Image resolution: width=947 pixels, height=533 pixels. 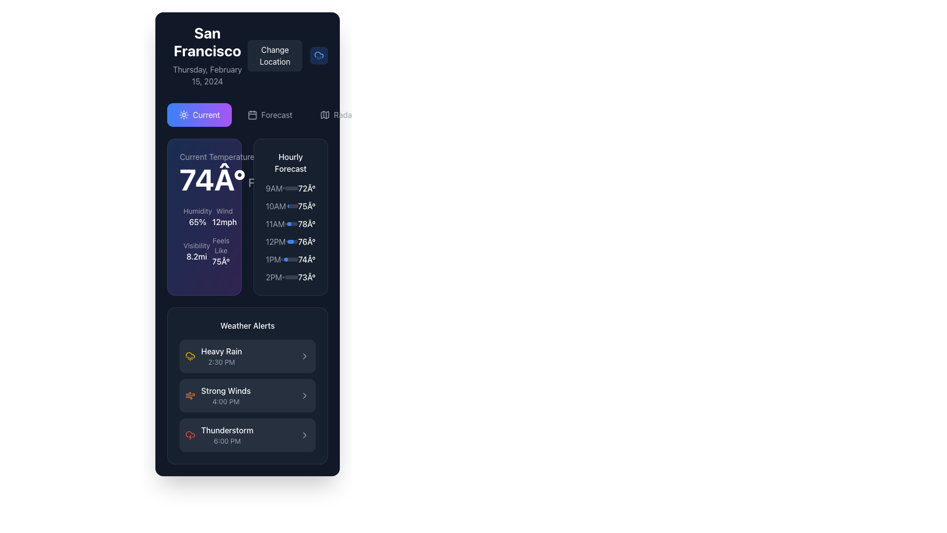 What do you see at coordinates (292, 241) in the screenshot?
I see `the horizontal progress bar located in the '12PM' hourly forecast section, which has a gray background and a blue progress segment covering 60%` at bounding box center [292, 241].